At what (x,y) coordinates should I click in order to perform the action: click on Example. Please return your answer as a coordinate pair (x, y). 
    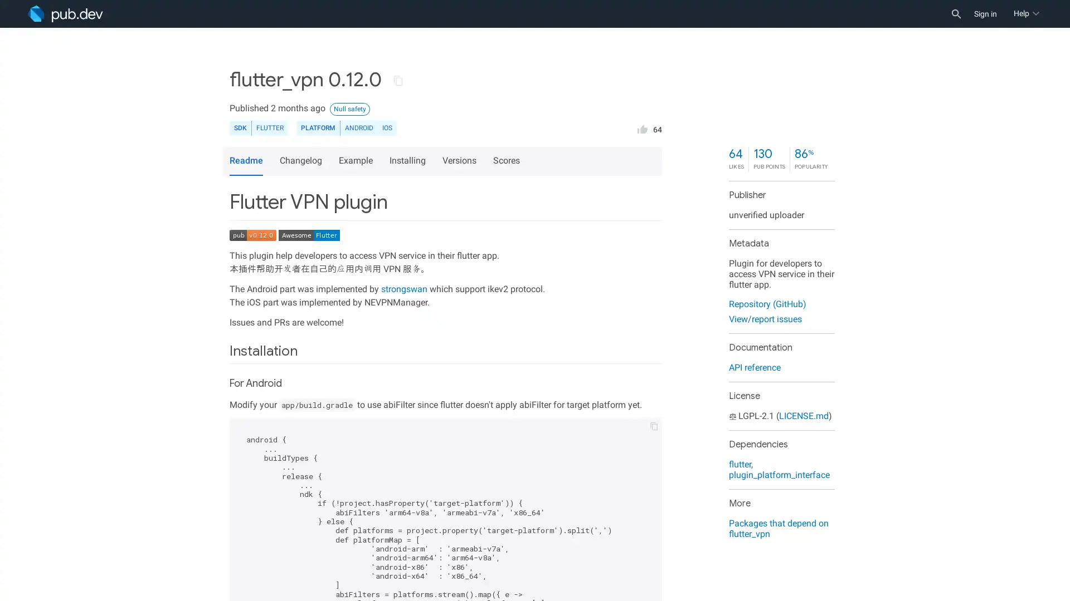
    Looking at the image, I should click on (357, 161).